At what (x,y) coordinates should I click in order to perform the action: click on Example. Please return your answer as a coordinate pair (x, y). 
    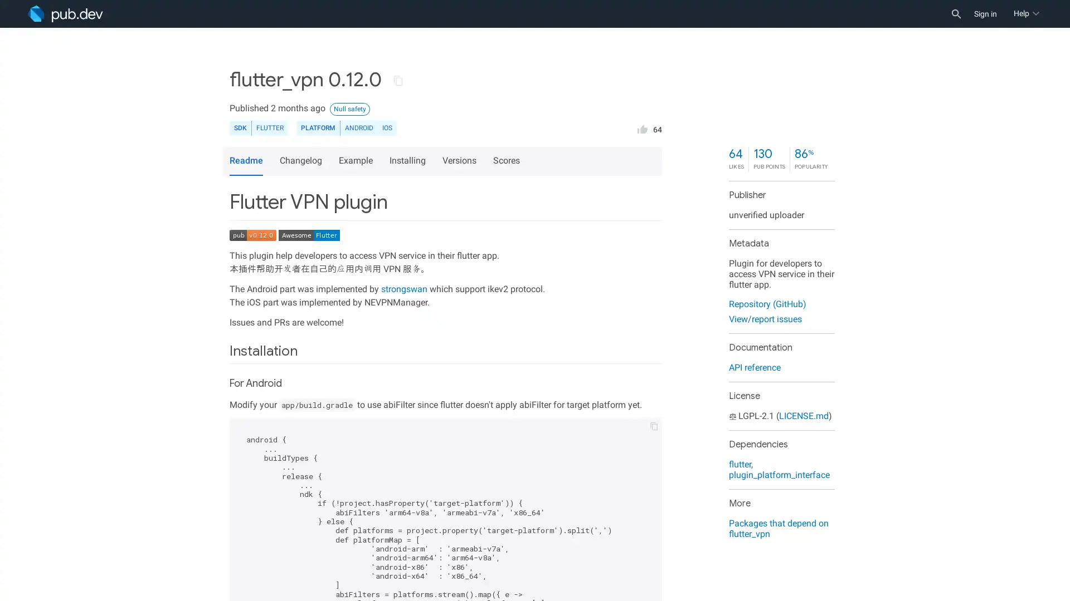
    Looking at the image, I should click on (357, 161).